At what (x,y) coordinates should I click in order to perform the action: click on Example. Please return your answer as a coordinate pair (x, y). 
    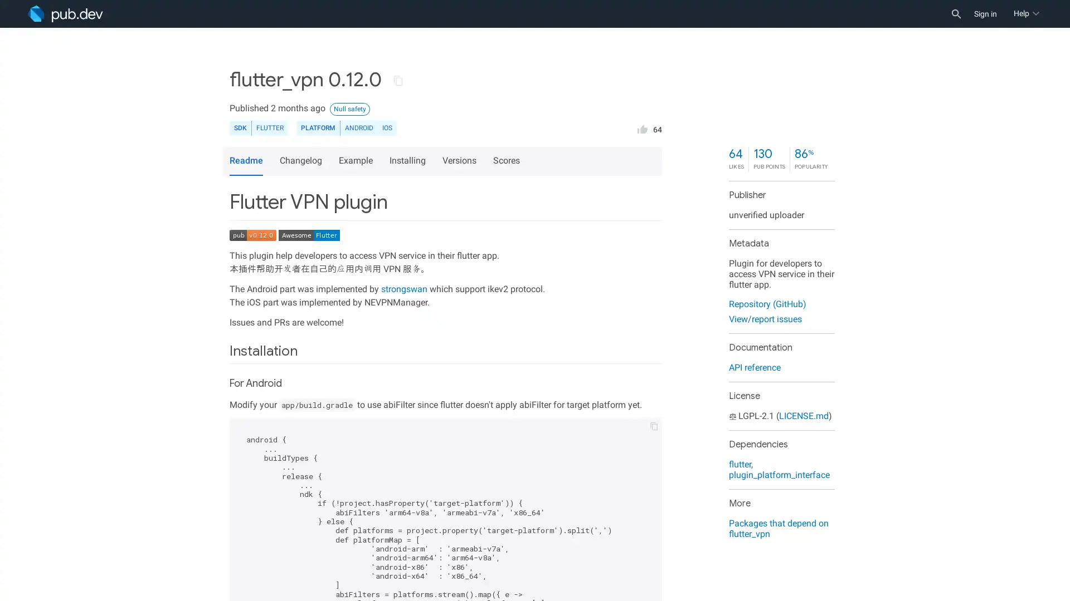
    Looking at the image, I should click on (357, 161).